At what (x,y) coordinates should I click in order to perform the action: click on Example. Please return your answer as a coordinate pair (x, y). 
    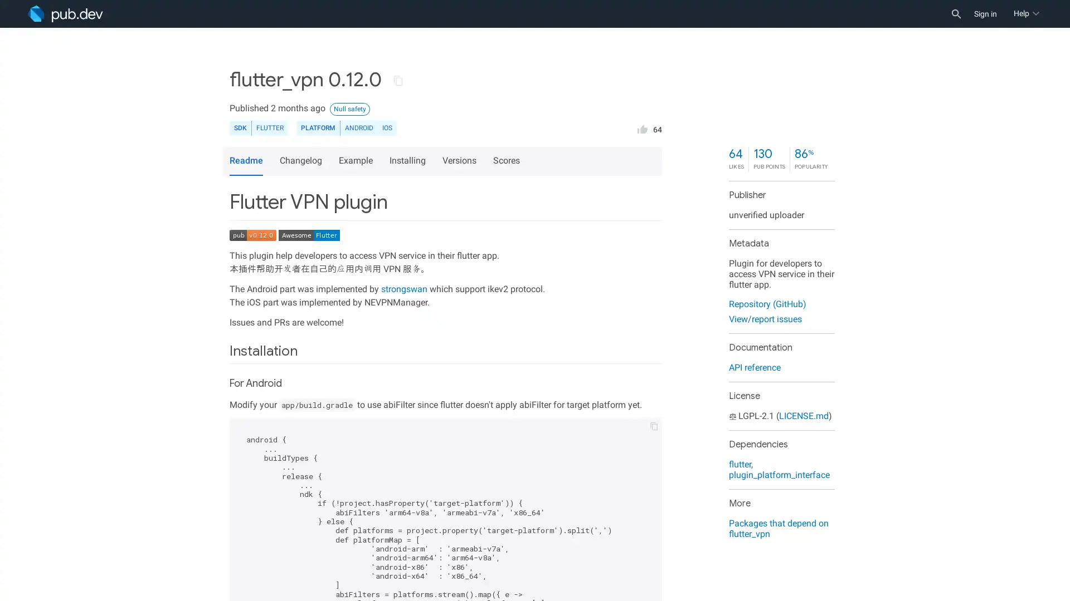
    Looking at the image, I should click on (357, 161).